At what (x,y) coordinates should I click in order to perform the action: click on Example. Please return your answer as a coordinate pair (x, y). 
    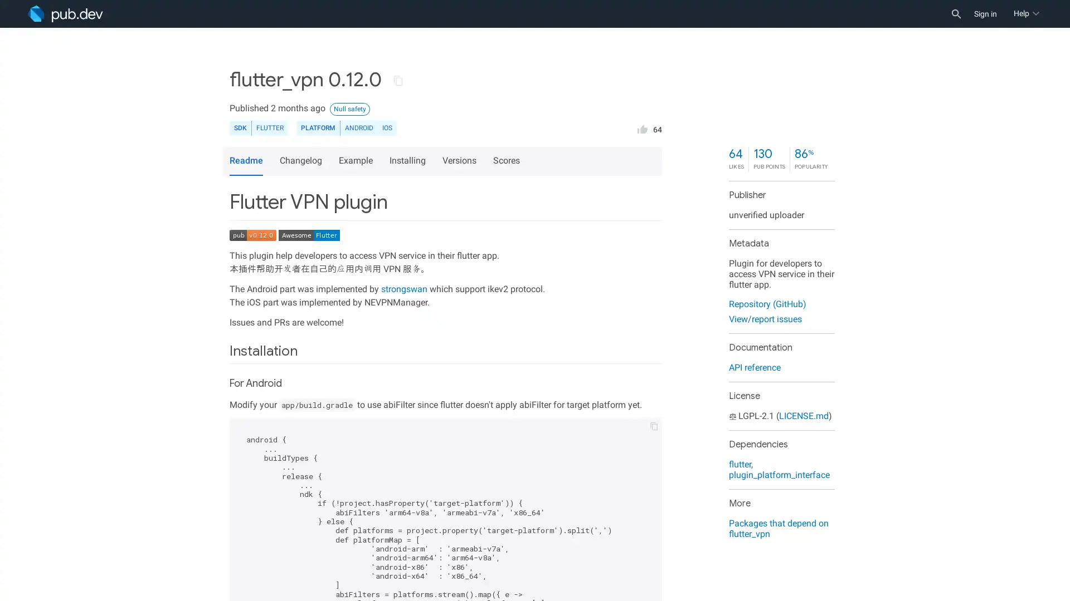
    Looking at the image, I should click on (357, 161).